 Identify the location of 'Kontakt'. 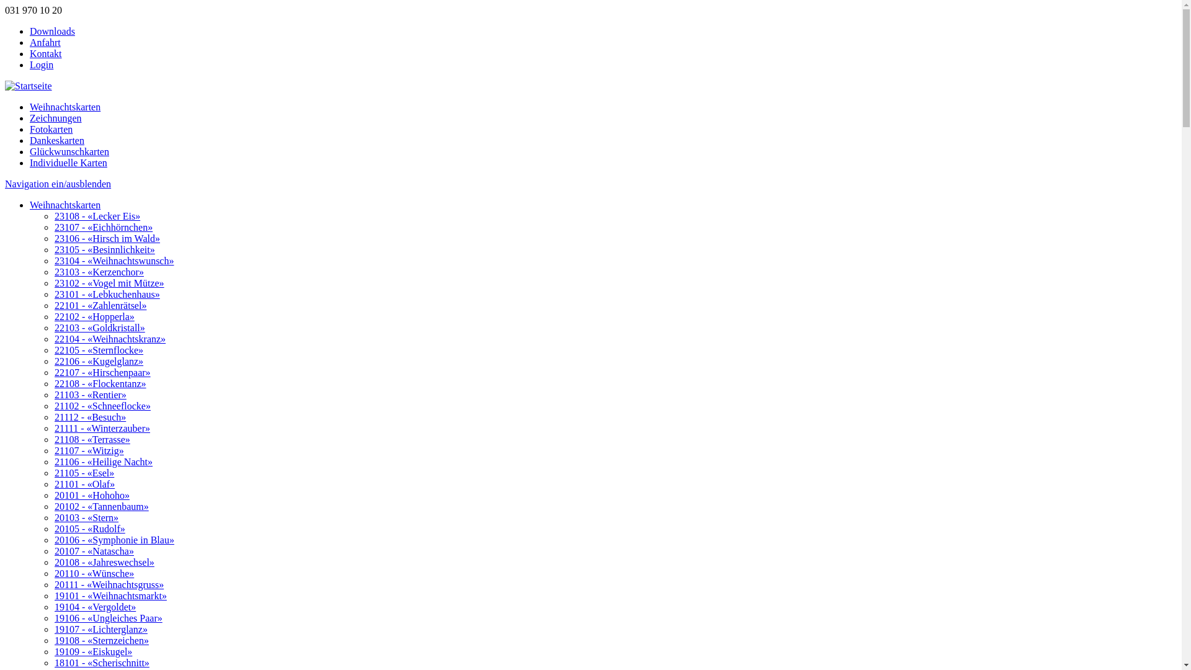
(30, 53).